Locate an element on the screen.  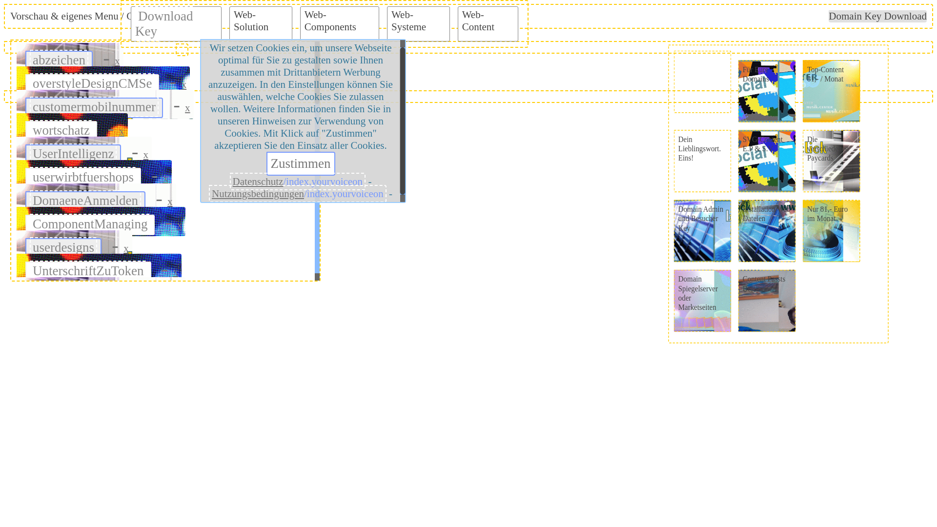
'UserIntelligenz - x' is located at coordinates (84, 151).